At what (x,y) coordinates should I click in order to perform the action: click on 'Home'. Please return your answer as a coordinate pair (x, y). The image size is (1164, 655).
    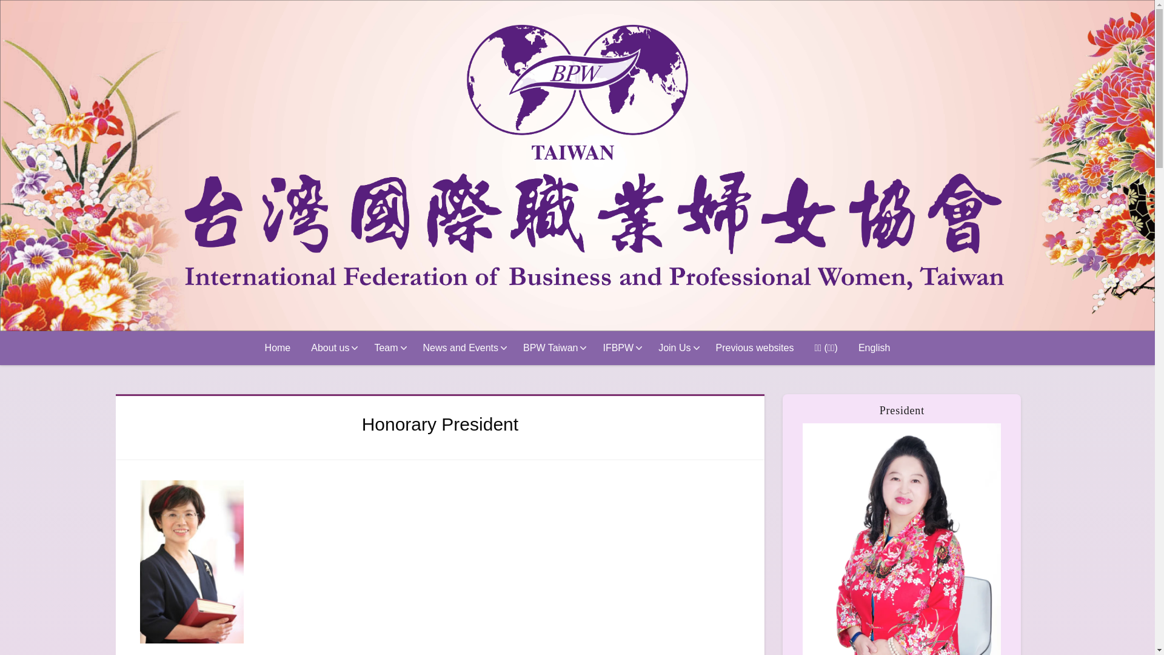
    Looking at the image, I should click on (277, 348).